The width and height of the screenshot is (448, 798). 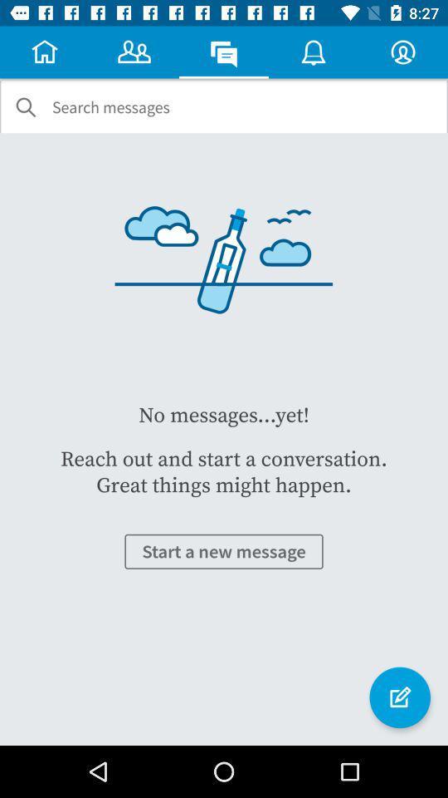 I want to click on the third message icon from the top left, so click(x=224, y=52).